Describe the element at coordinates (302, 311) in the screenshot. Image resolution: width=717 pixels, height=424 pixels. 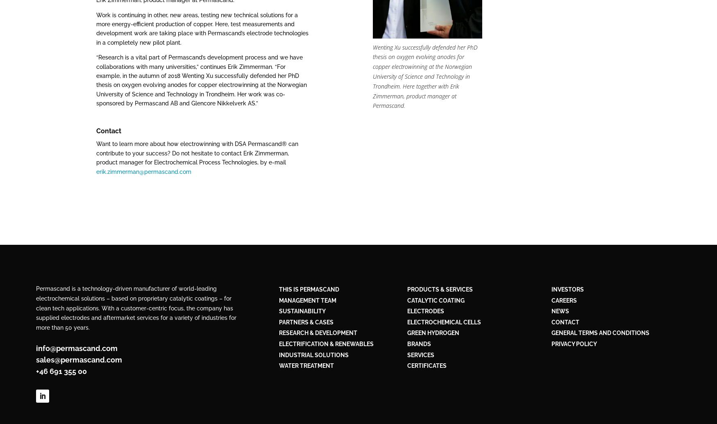
I see `'Sustainability'` at that location.